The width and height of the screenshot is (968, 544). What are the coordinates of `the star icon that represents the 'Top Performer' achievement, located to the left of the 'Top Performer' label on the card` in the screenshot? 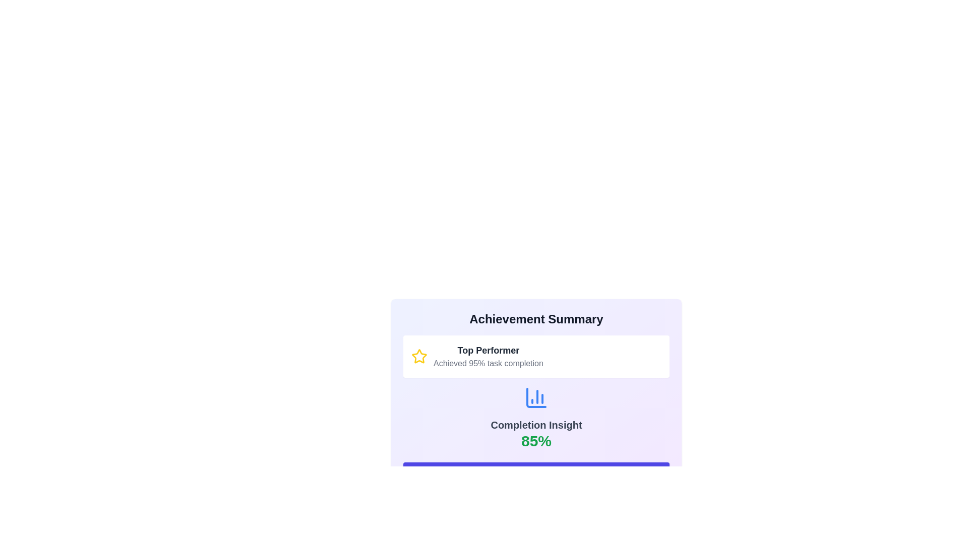 It's located at (419, 356).